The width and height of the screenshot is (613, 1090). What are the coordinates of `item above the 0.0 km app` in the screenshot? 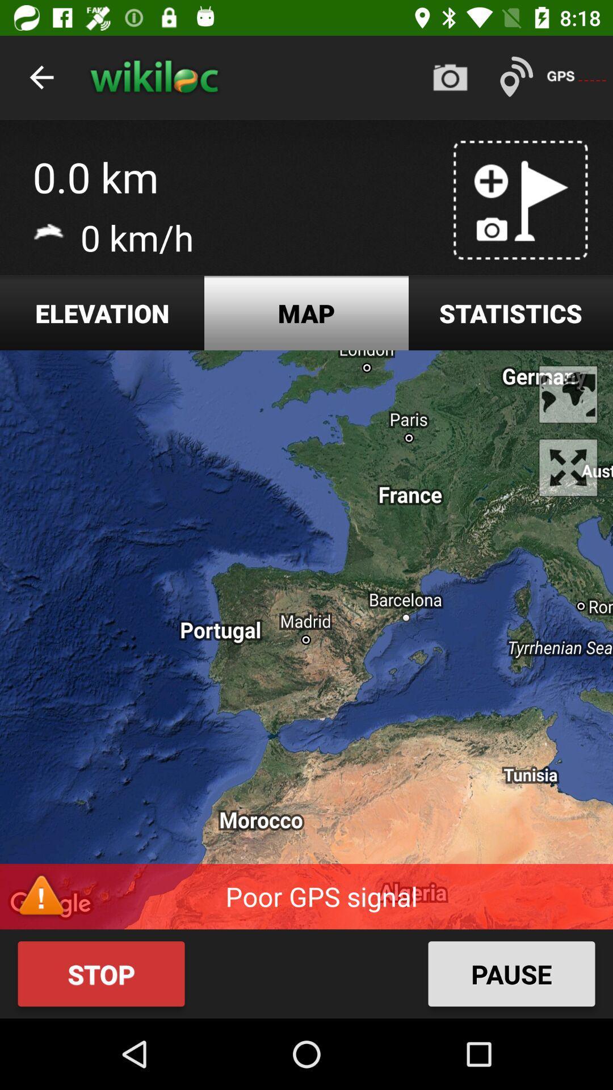 It's located at (41, 77).